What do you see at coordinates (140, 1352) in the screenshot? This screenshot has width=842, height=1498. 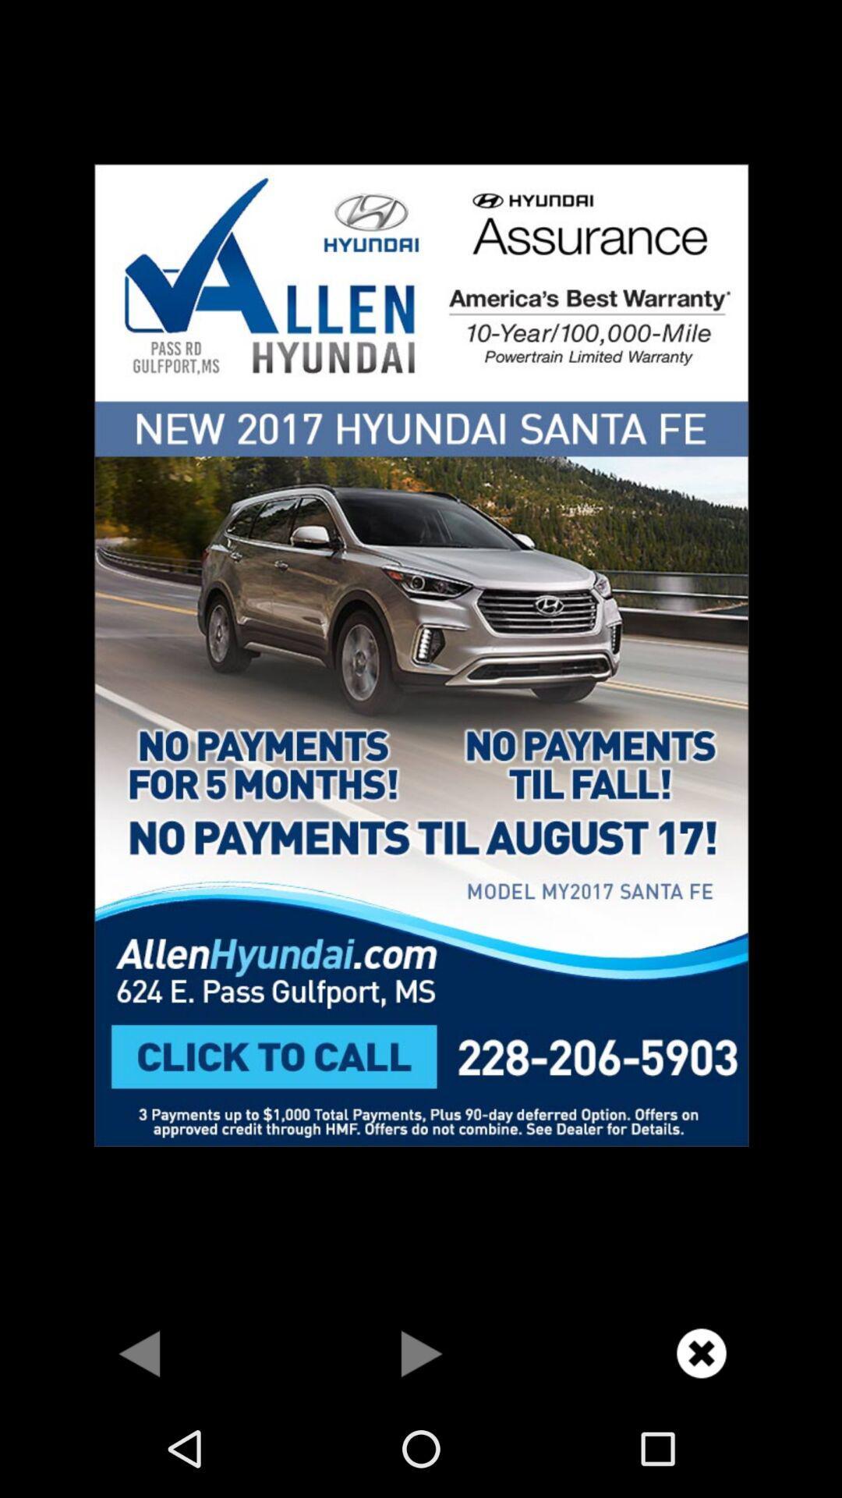 I see `go back` at bounding box center [140, 1352].